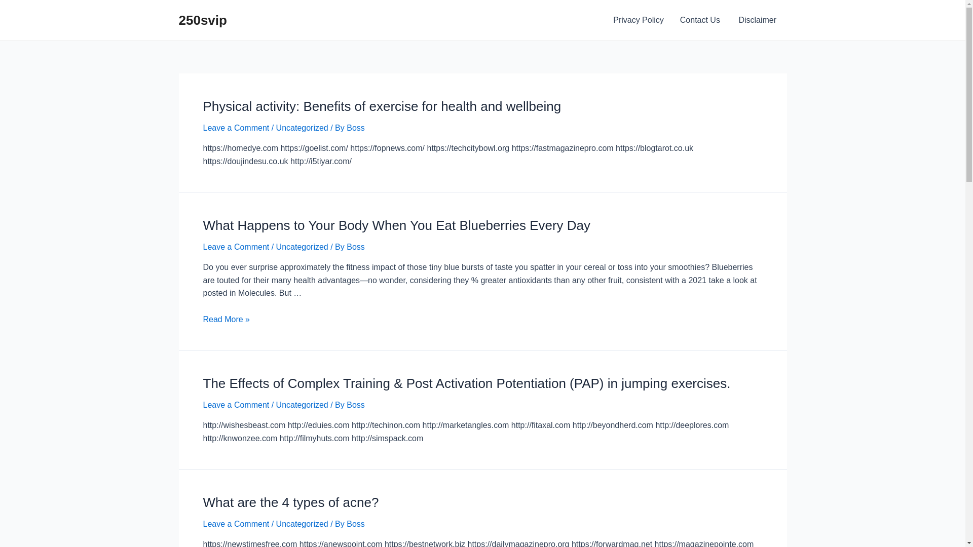 This screenshot has width=973, height=547. I want to click on 'Contact Us ', so click(700, 20).